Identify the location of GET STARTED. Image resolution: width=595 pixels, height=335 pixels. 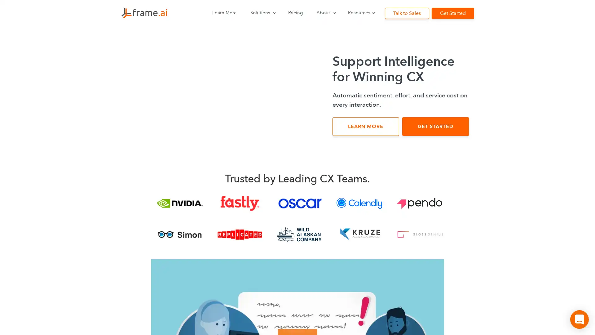
(435, 126).